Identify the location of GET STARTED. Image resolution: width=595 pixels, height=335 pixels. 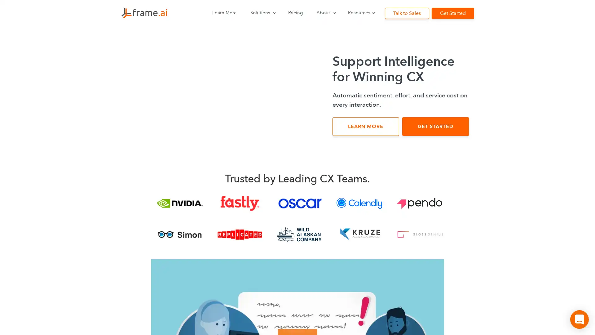
(435, 126).